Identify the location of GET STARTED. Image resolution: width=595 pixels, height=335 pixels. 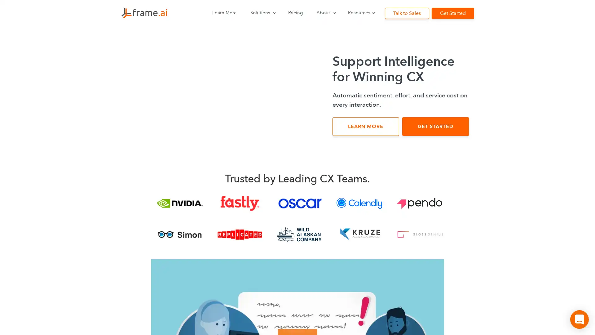
(435, 126).